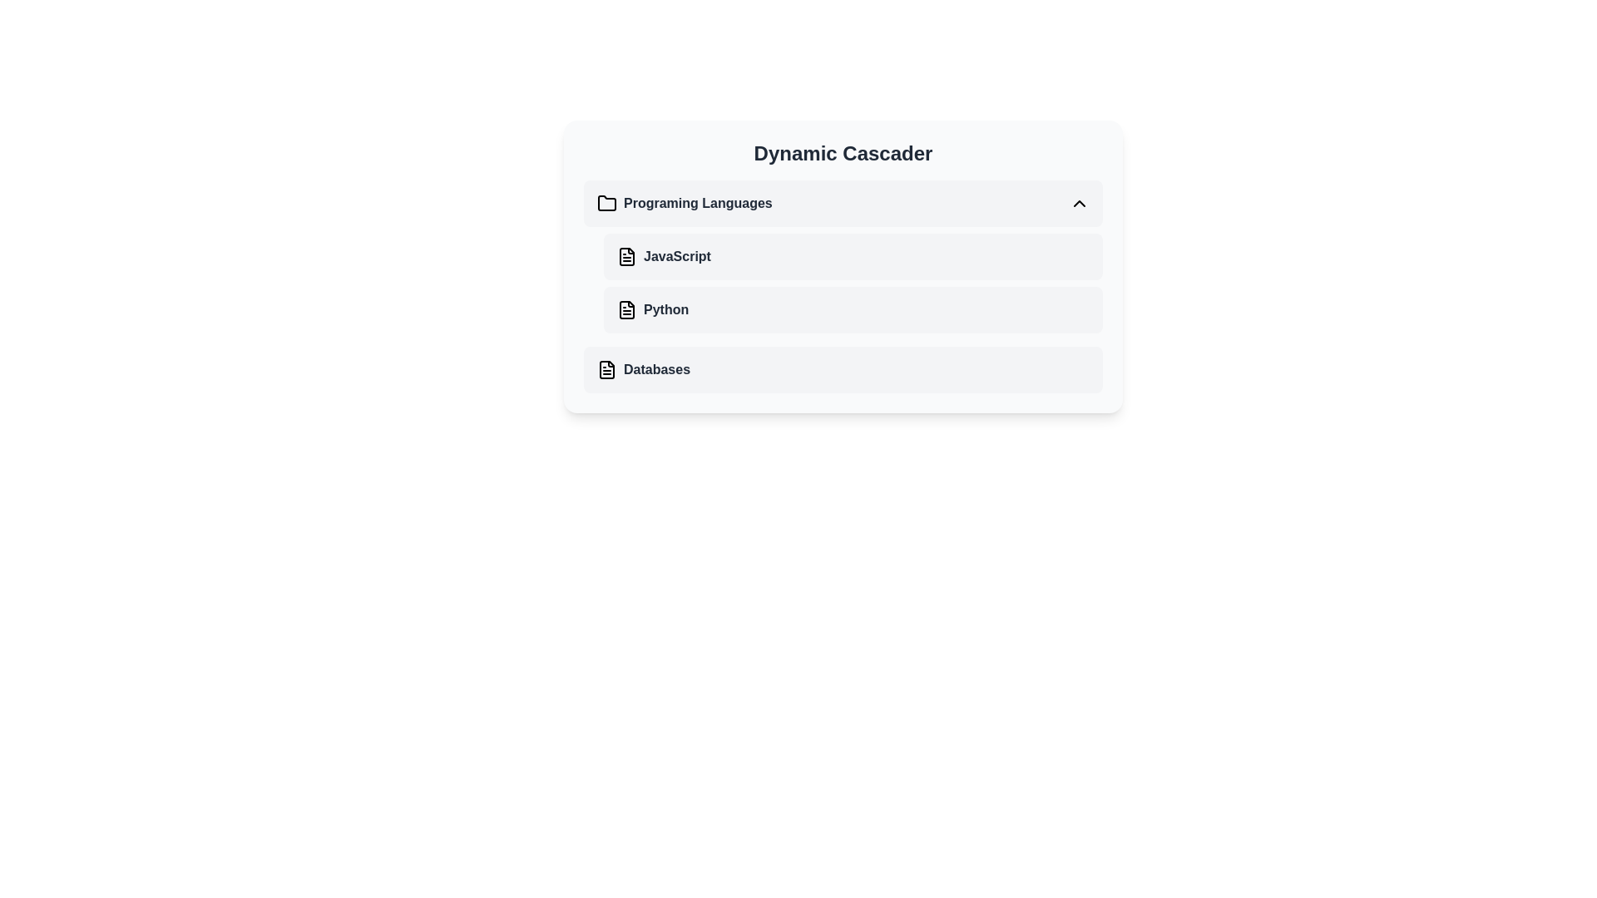  I want to click on the 'Programming Languages' text label, which is the first item in the vertical list of selectable entries under the heading 'Dynamic Cascader', so click(698, 203).